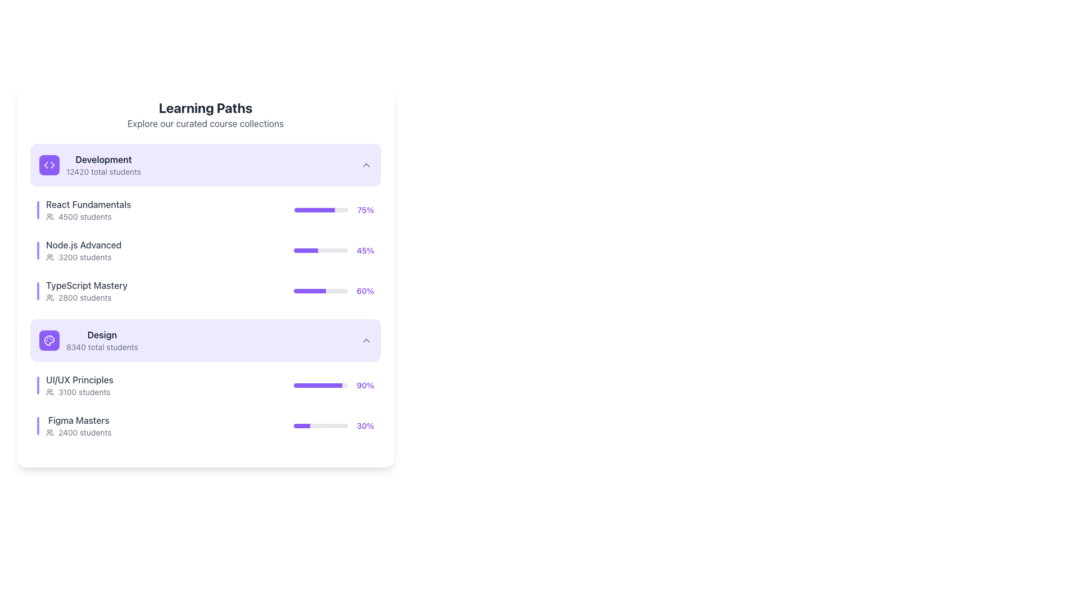 The height and width of the screenshot is (607, 1079). Describe the element at coordinates (78, 426) in the screenshot. I see `the prominent 'Figma Masters' text within the 'Design' section of the 'Learning Paths' interface` at that location.